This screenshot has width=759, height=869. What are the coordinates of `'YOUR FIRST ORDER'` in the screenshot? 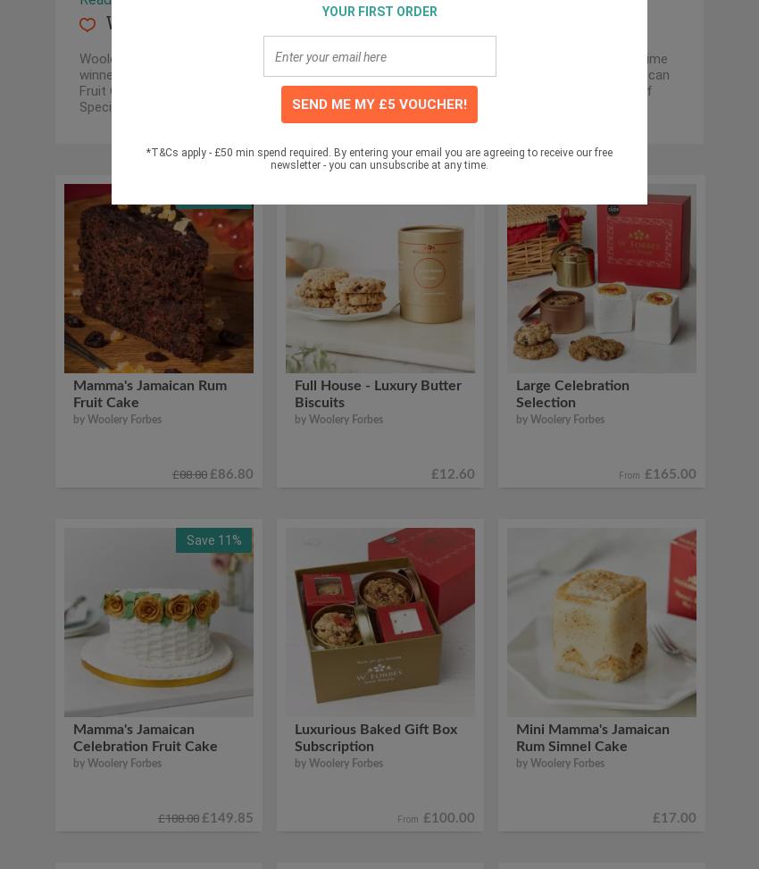 It's located at (379, 10).